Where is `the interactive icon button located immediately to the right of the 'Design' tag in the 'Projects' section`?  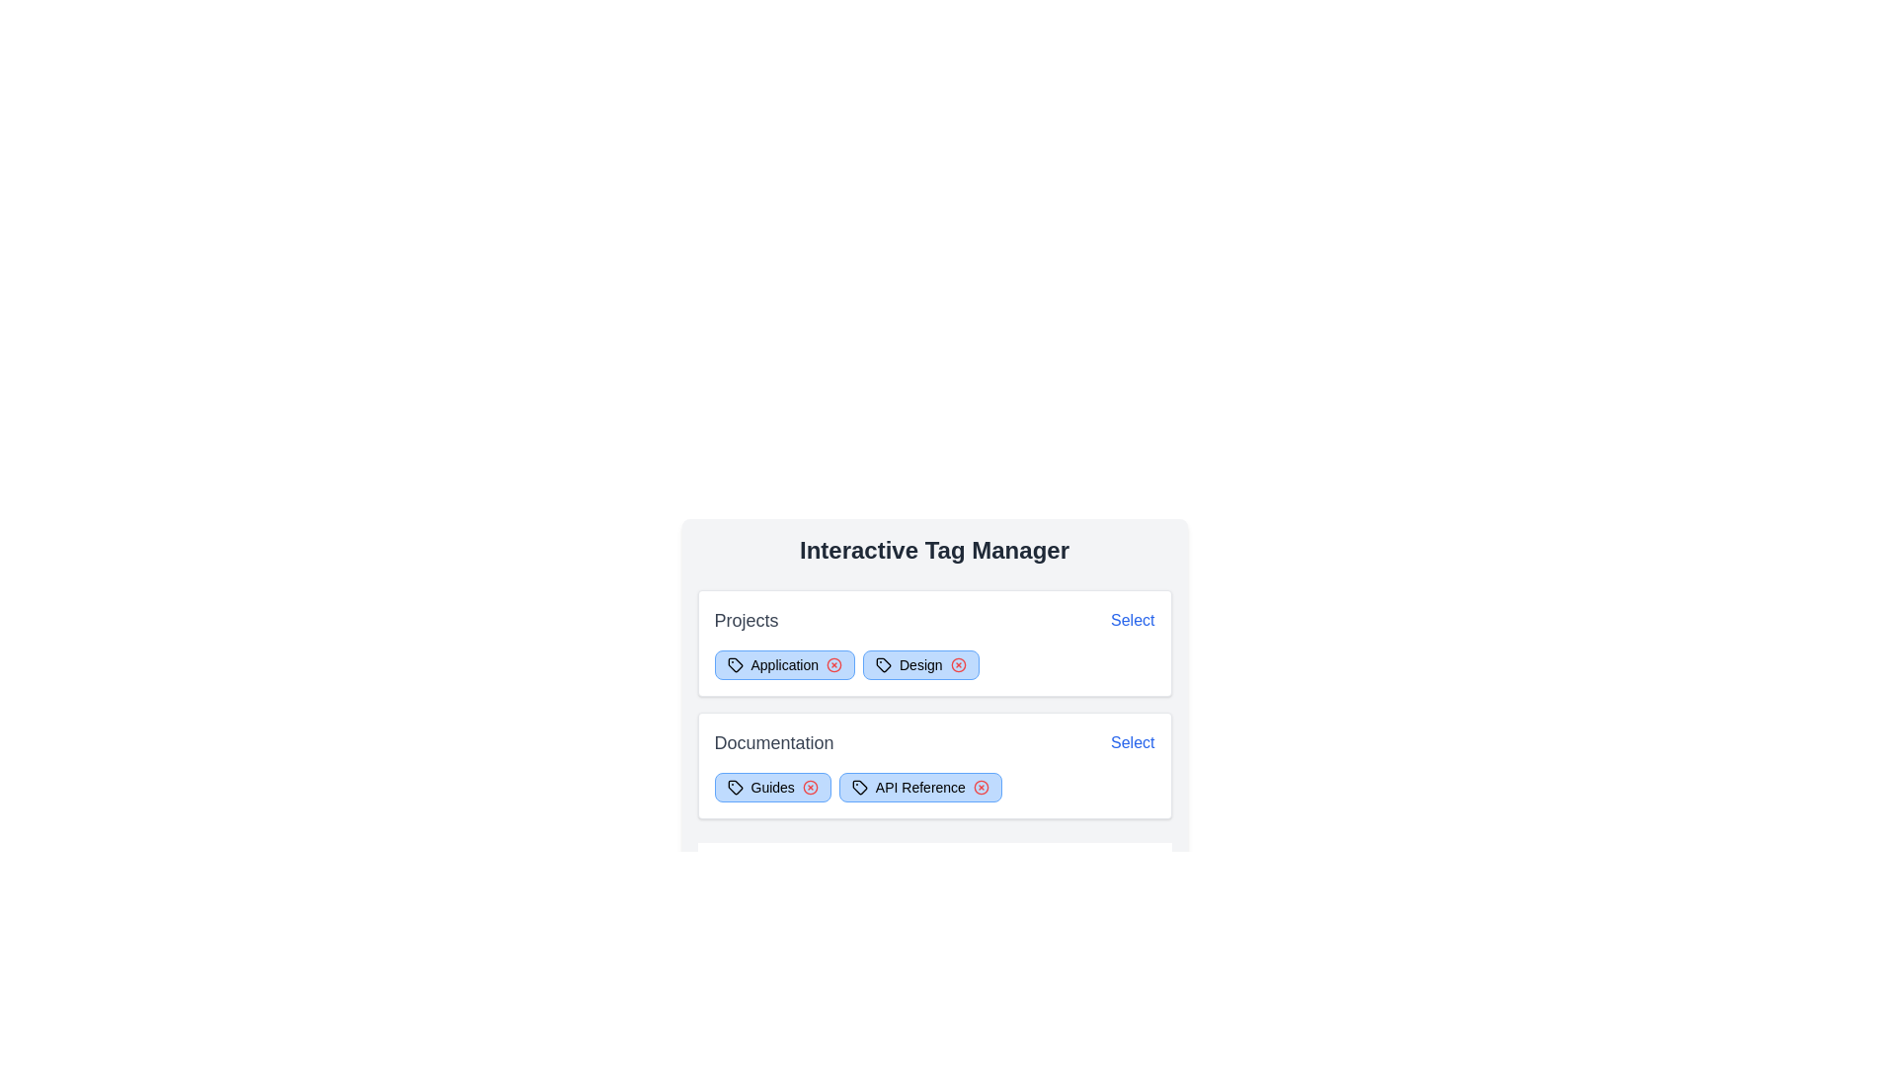
the interactive icon button located immediately to the right of the 'Design' tag in the 'Projects' section is located at coordinates (958, 665).